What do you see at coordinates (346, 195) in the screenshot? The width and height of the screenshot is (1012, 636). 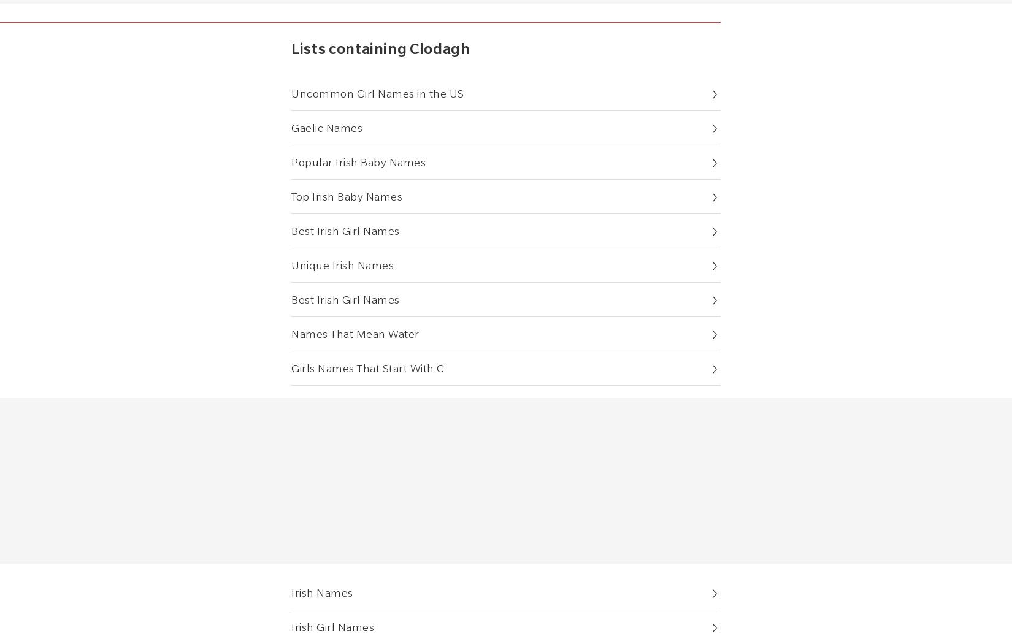 I see `'Top Irish Baby Names'` at bounding box center [346, 195].